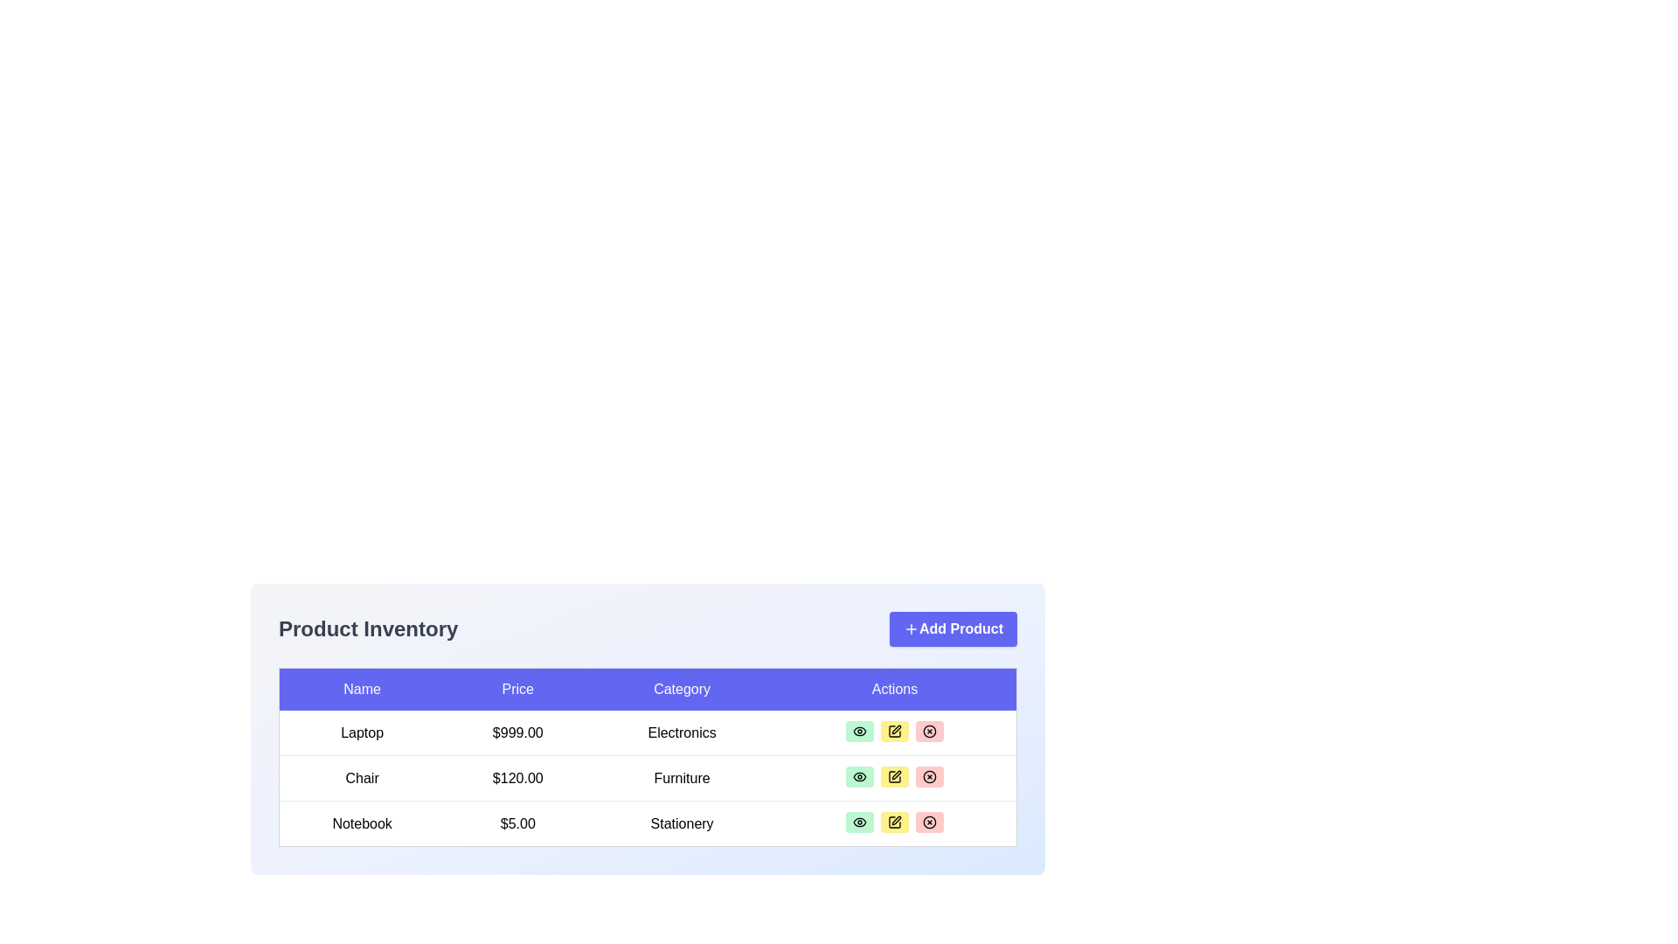 This screenshot has height=944, width=1678. What do you see at coordinates (859, 775) in the screenshot?
I see `the first icon button on the left in the 'Actions' column for the 'Chair' row` at bounding box center [859, 775].